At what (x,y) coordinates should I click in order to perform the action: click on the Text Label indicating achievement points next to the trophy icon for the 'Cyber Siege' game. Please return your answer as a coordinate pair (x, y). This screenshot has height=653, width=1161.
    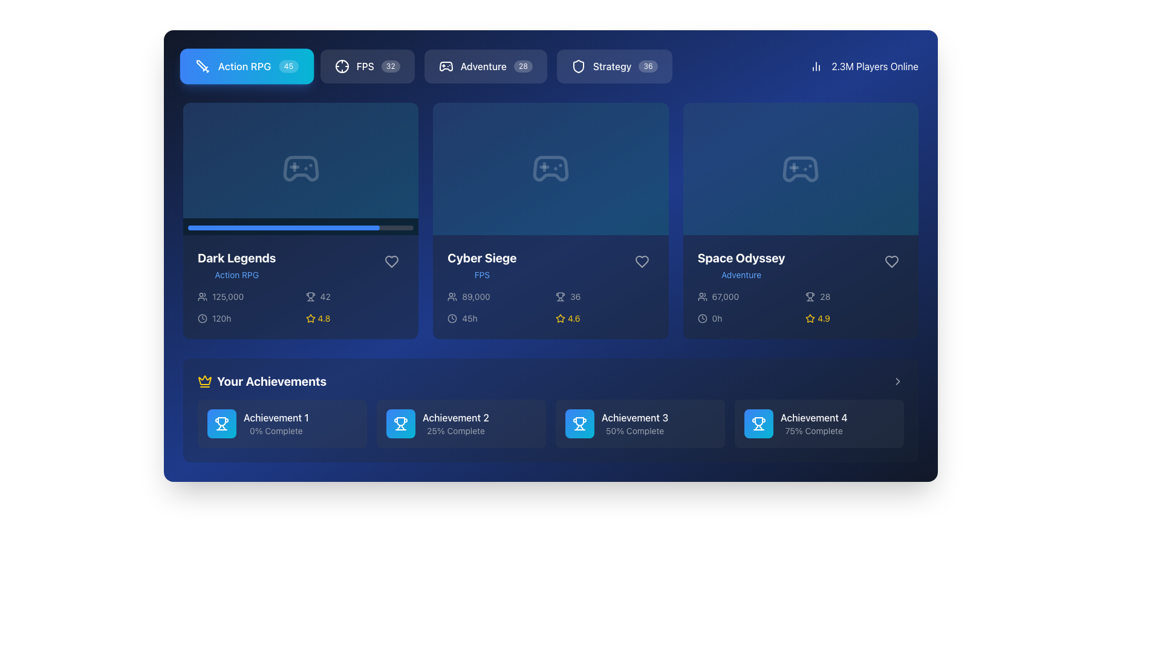
    Looking at the image, I should click on (574, 296).